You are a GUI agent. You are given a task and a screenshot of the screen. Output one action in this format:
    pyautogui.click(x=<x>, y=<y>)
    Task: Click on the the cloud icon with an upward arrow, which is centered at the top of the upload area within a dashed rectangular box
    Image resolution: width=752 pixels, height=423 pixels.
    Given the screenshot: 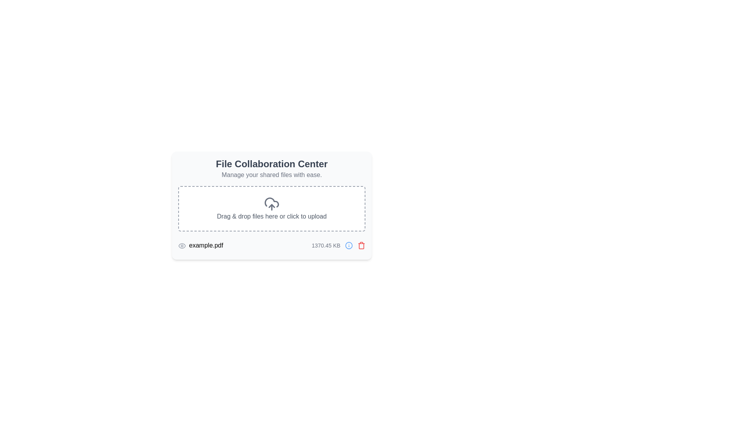 What is the action you would take?
    pyautogui.click(x=271, y=203)
    